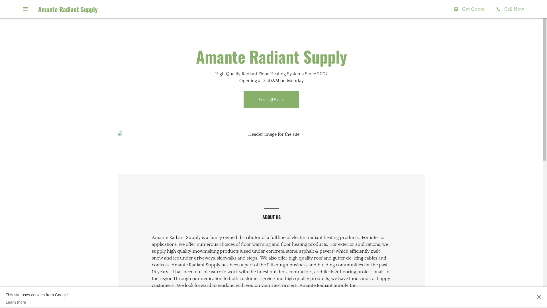 The width and height of the screenshot is (547, 308). Describe the element at coordinates (271, 99) in the screenshot. I see `'GET QUOTE'` at that location.